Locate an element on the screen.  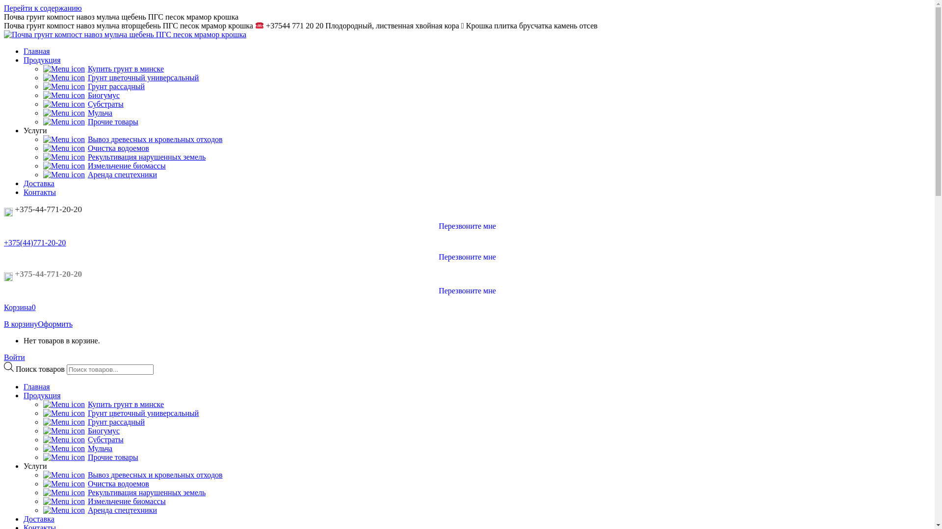
'+375(44)771-20-20' is located at coordinates (35, 242).